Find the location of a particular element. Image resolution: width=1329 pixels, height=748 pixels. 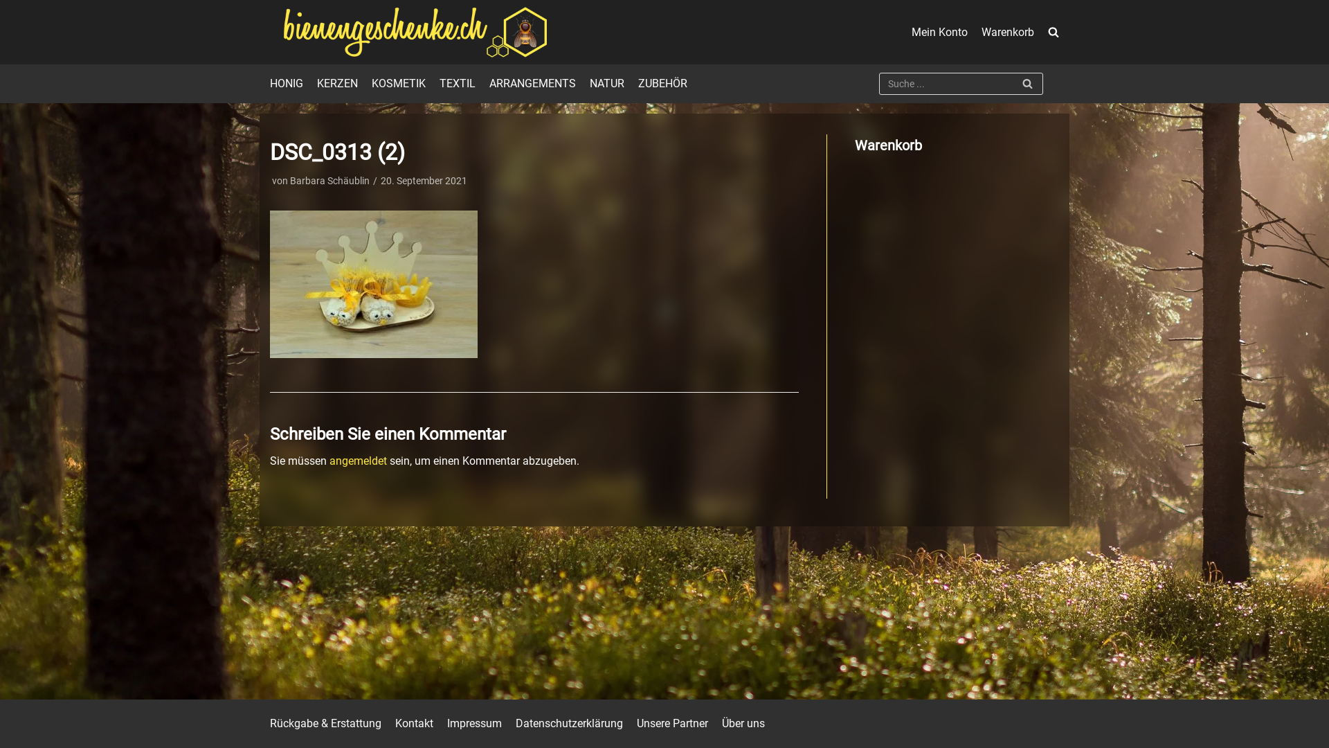

'angemeldet' is located at coordinates (358, 461).